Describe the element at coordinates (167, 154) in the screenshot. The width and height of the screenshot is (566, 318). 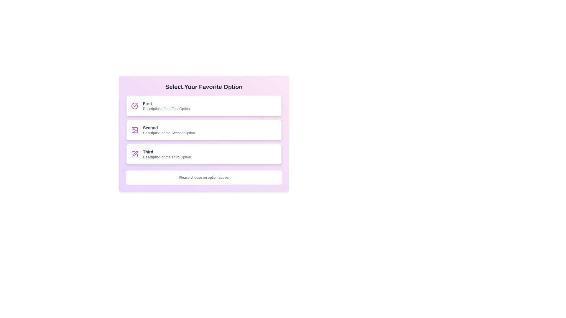
I see `the text label with the title 'Third', which serves as a description for the third selectable option in the list, positioned beneath the second option labeled 'Second'` at that location.